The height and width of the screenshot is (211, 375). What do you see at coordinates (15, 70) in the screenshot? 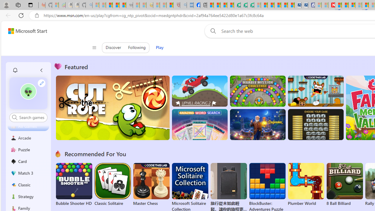
I see `'Class: notification-item'` at bounding box center [15, 70].